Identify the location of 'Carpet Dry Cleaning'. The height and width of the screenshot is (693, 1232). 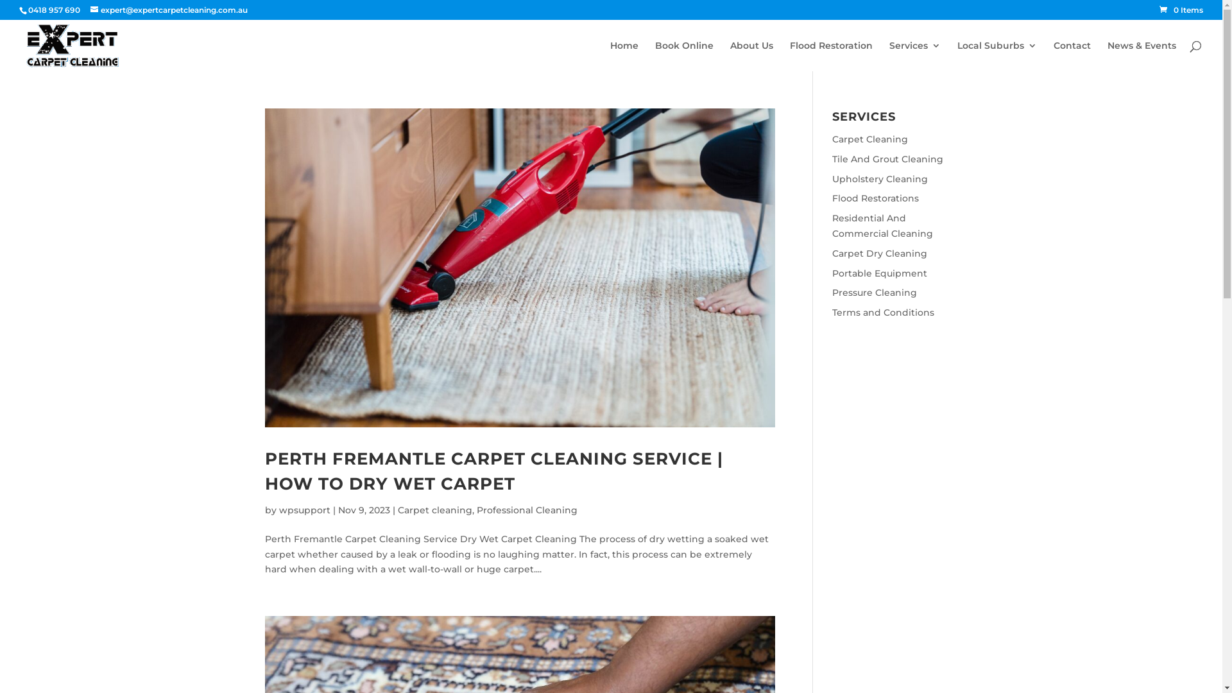
(879, 253).